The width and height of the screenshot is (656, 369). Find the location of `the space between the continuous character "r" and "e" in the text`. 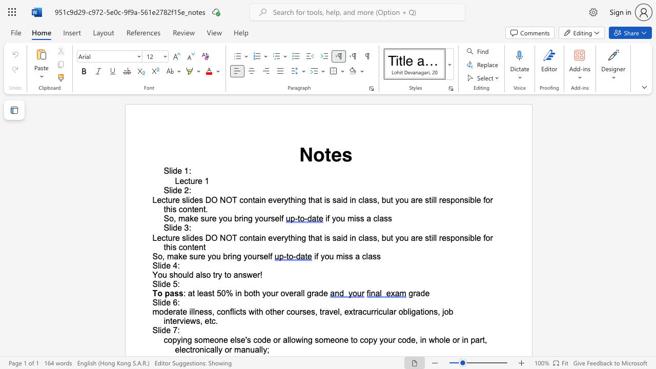

the space between the continuous character "r" and "e" in the text is located at coordinates (201, 256).